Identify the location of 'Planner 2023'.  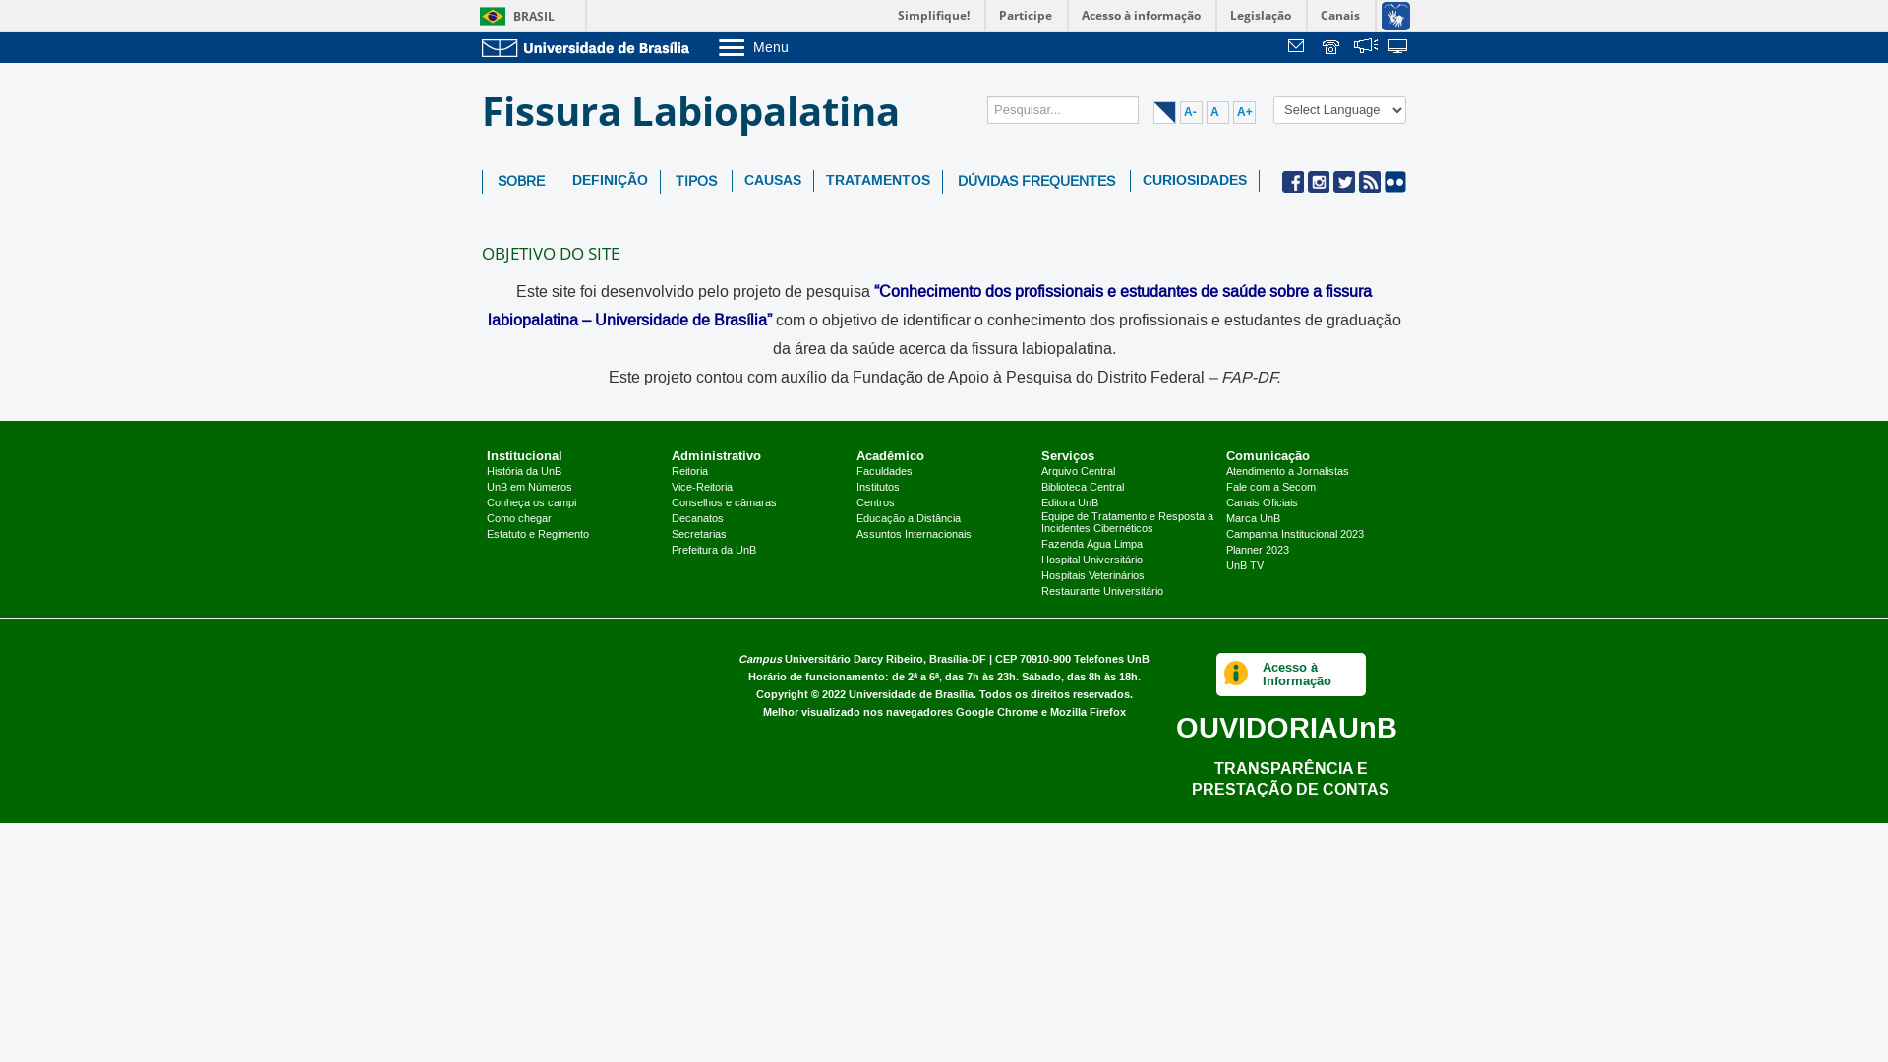
(1256, 550).